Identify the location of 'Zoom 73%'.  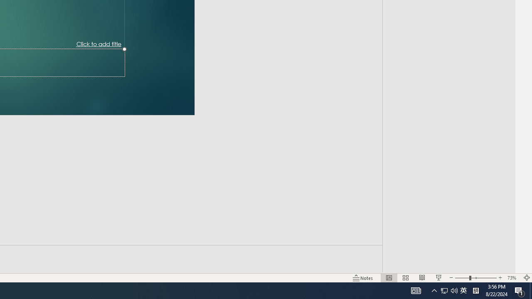
(512, 278).